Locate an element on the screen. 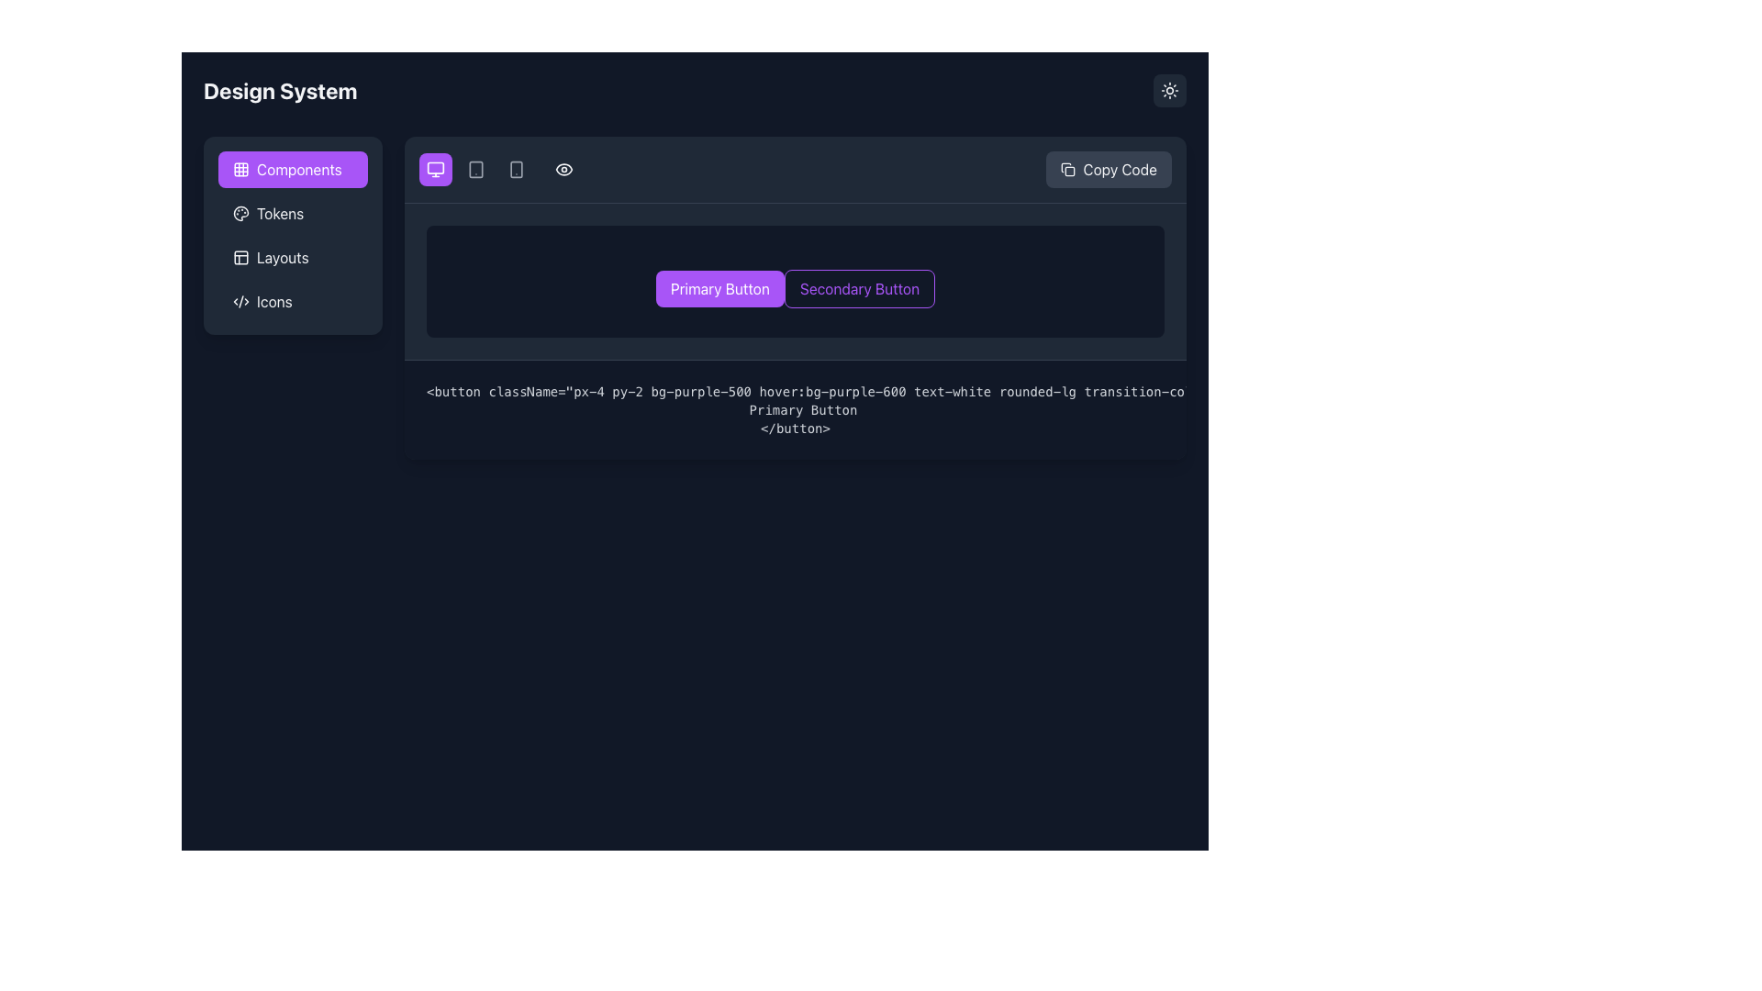  the 'Layouts' menu item, which is the third option in the vertical list under 'Design System', positioned between 'Tokens' and 'Icons' is located at coordinates (292, 235).